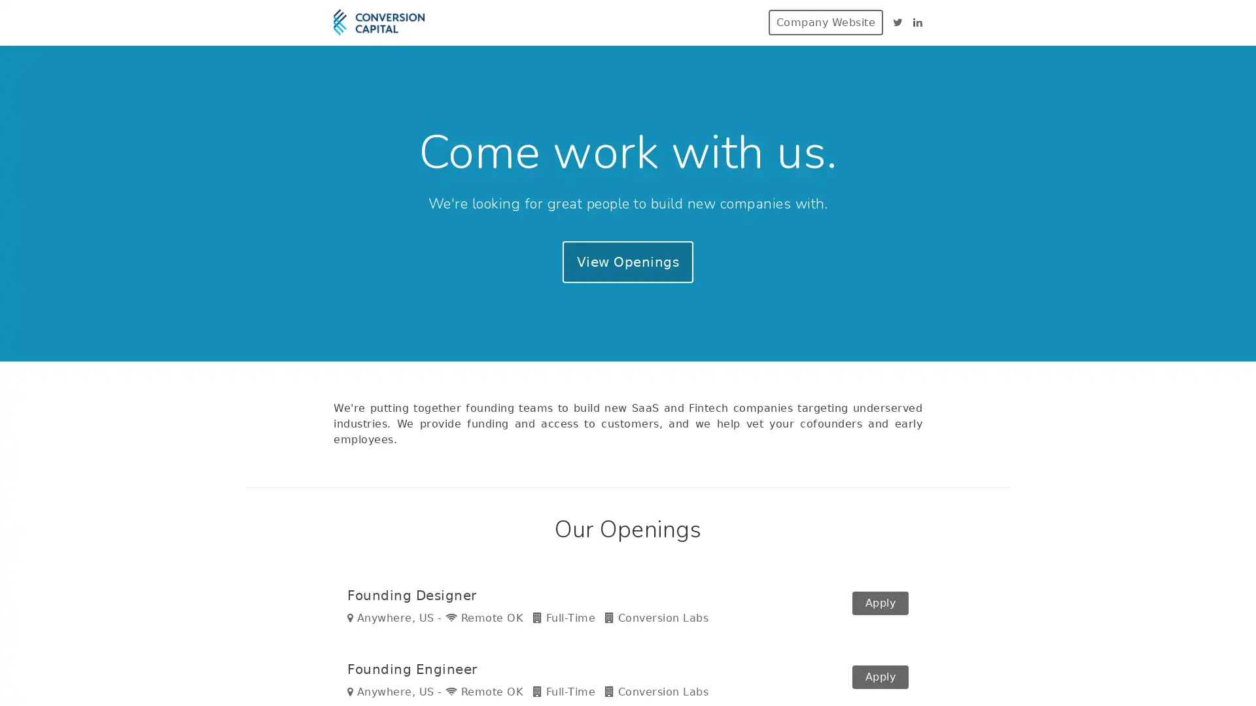  Describe the element at coordinates (880, 680) in the screenshot. I see `Apply` at that location.